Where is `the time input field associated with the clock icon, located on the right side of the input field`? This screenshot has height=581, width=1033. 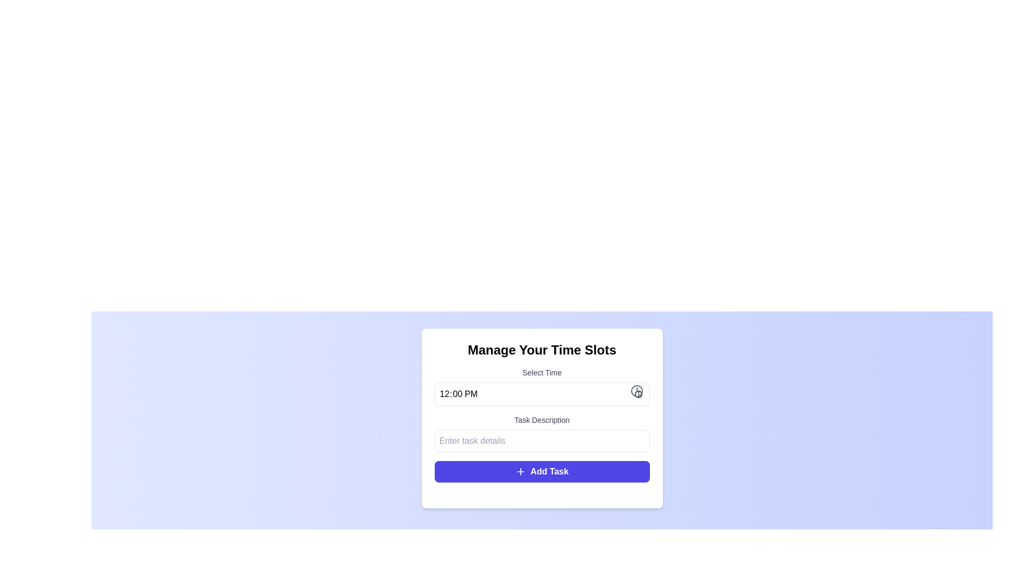 the time input field associated with the clock icon, located on the right side of the input field is located at coordinates (636, 391).